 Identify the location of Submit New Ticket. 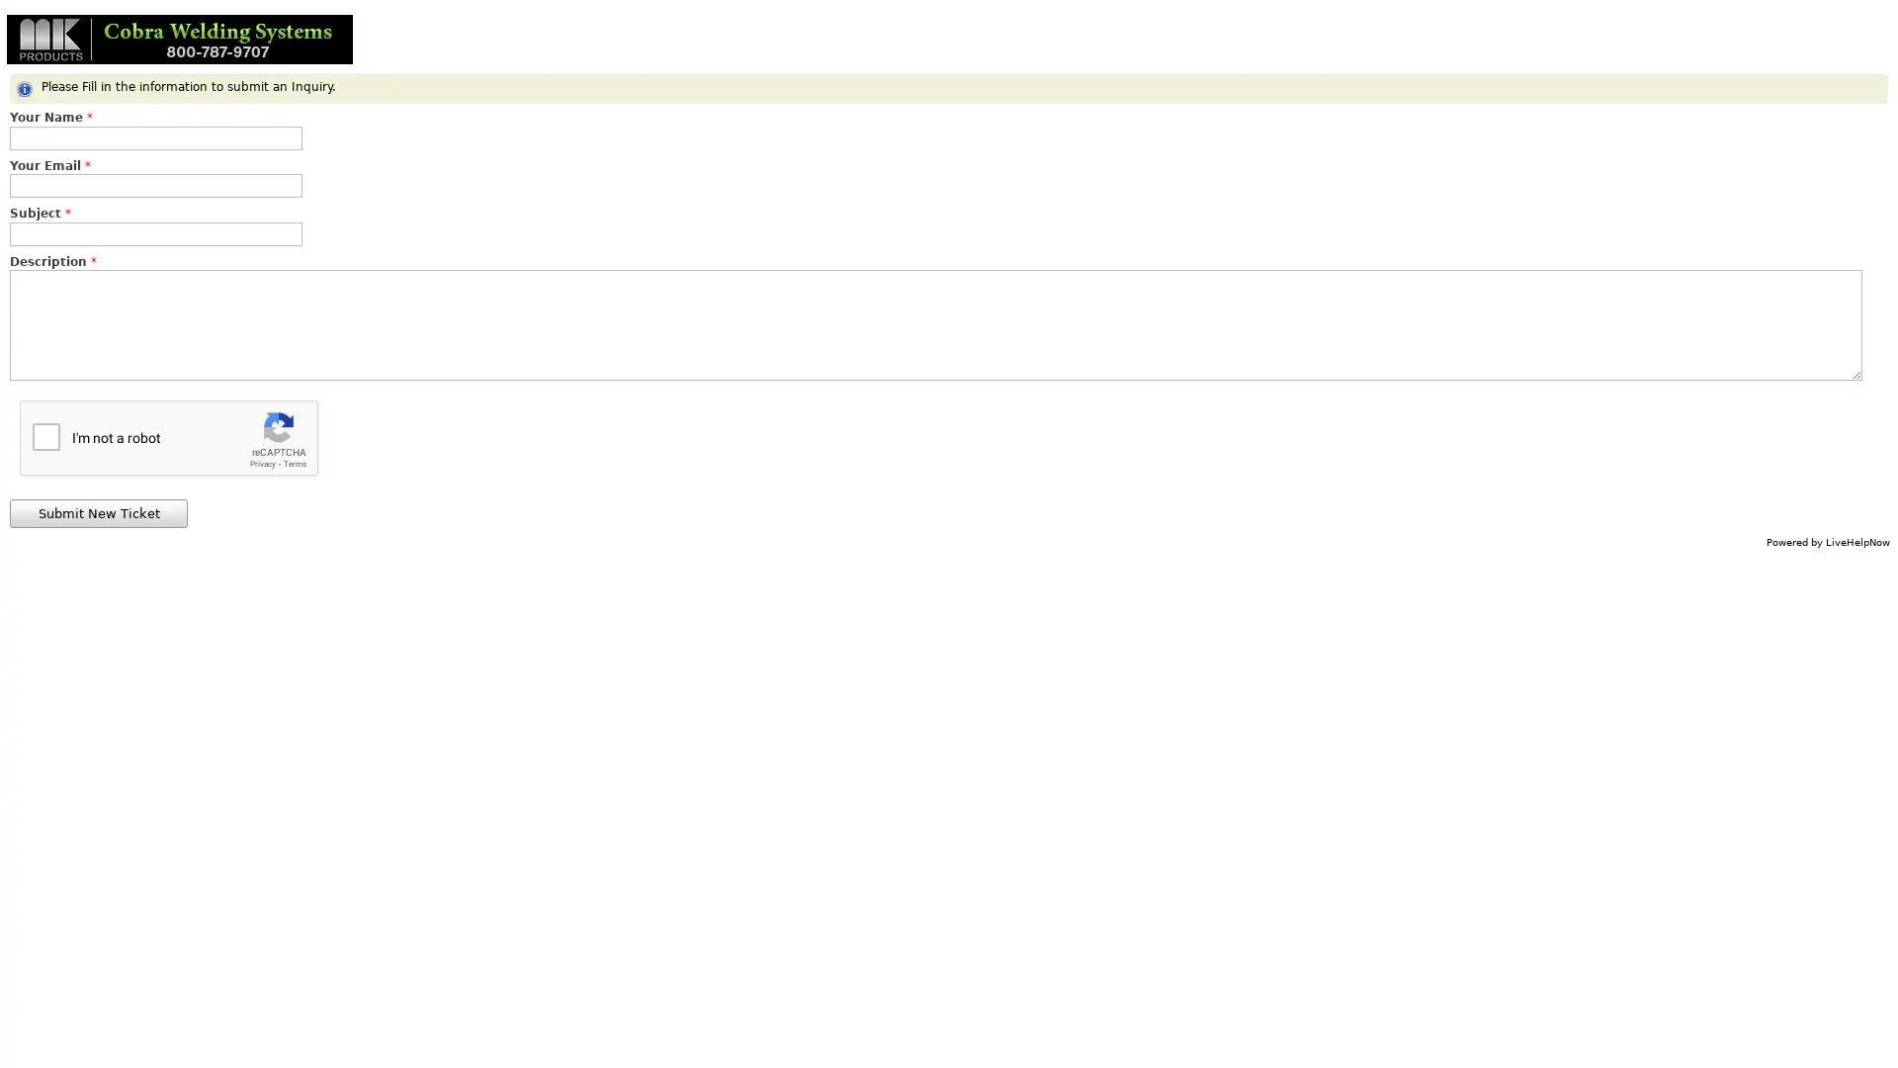
(98, 512).